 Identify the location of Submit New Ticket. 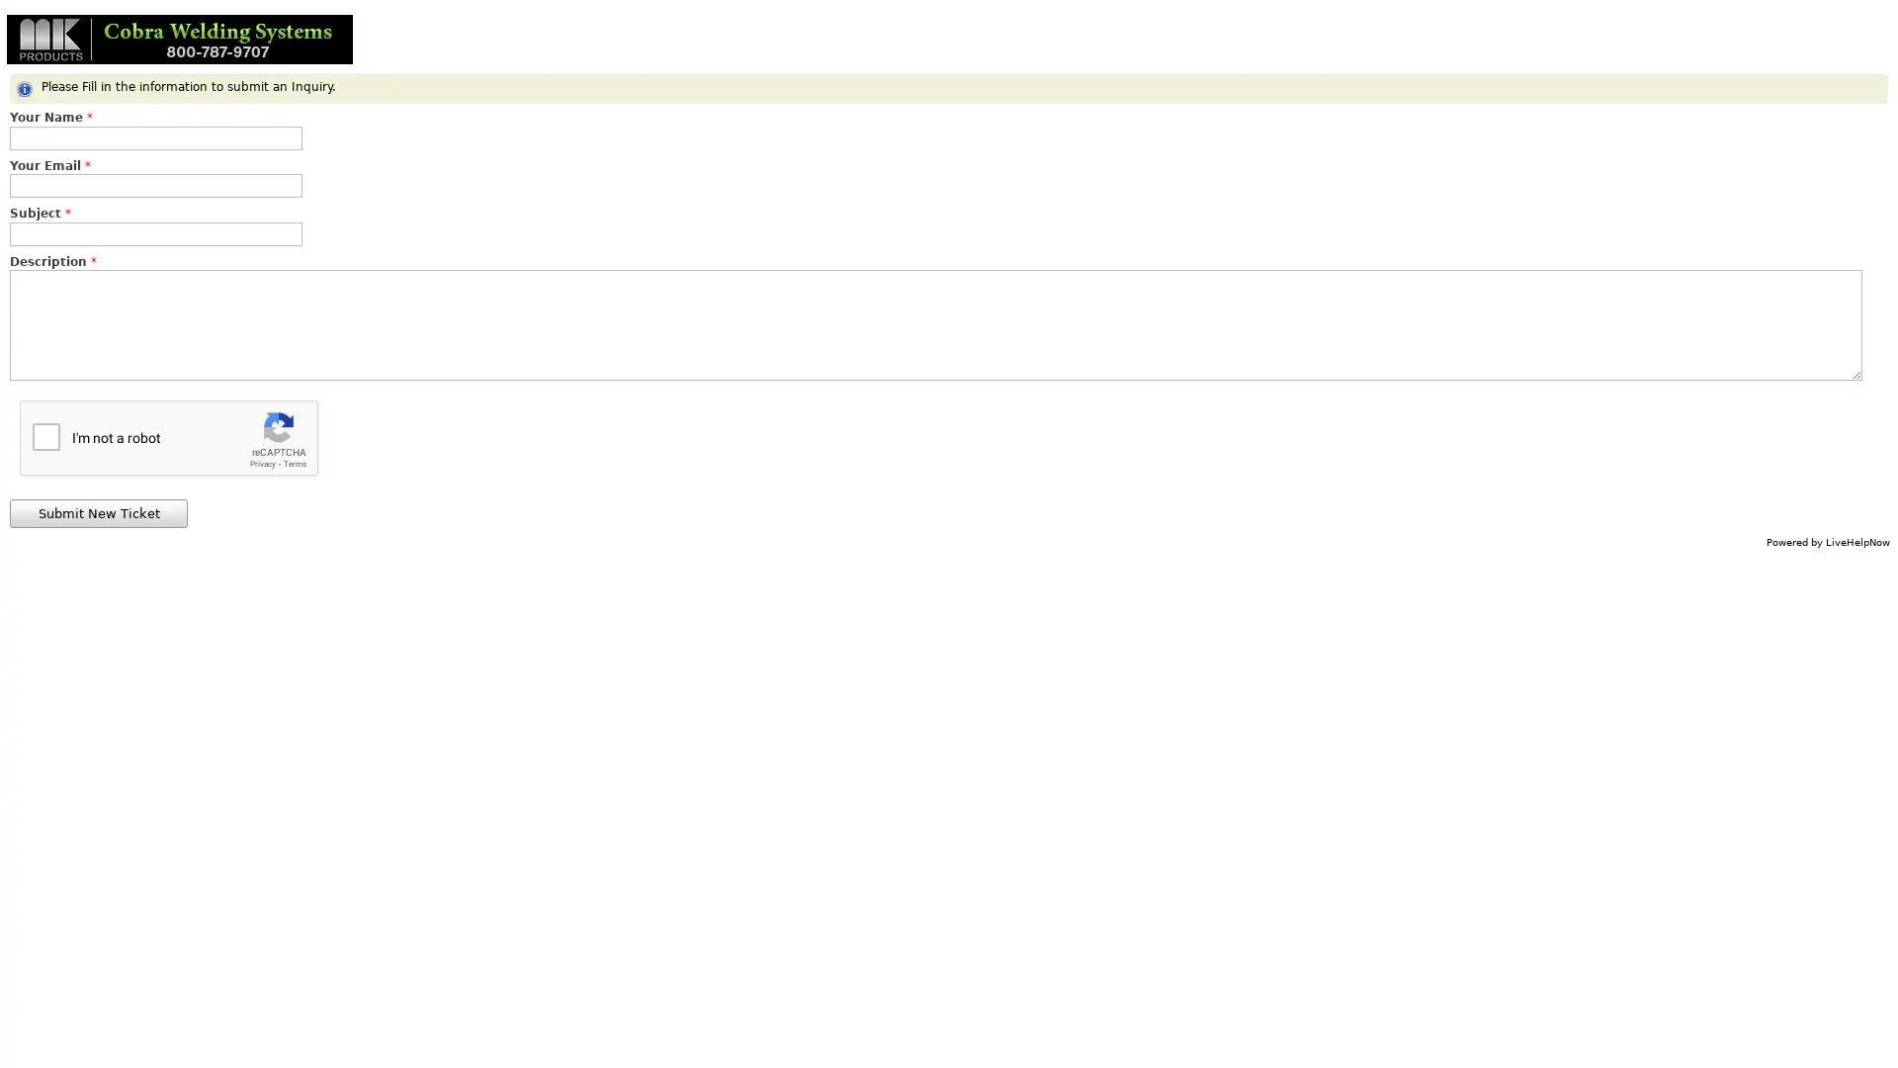
(98, 512).